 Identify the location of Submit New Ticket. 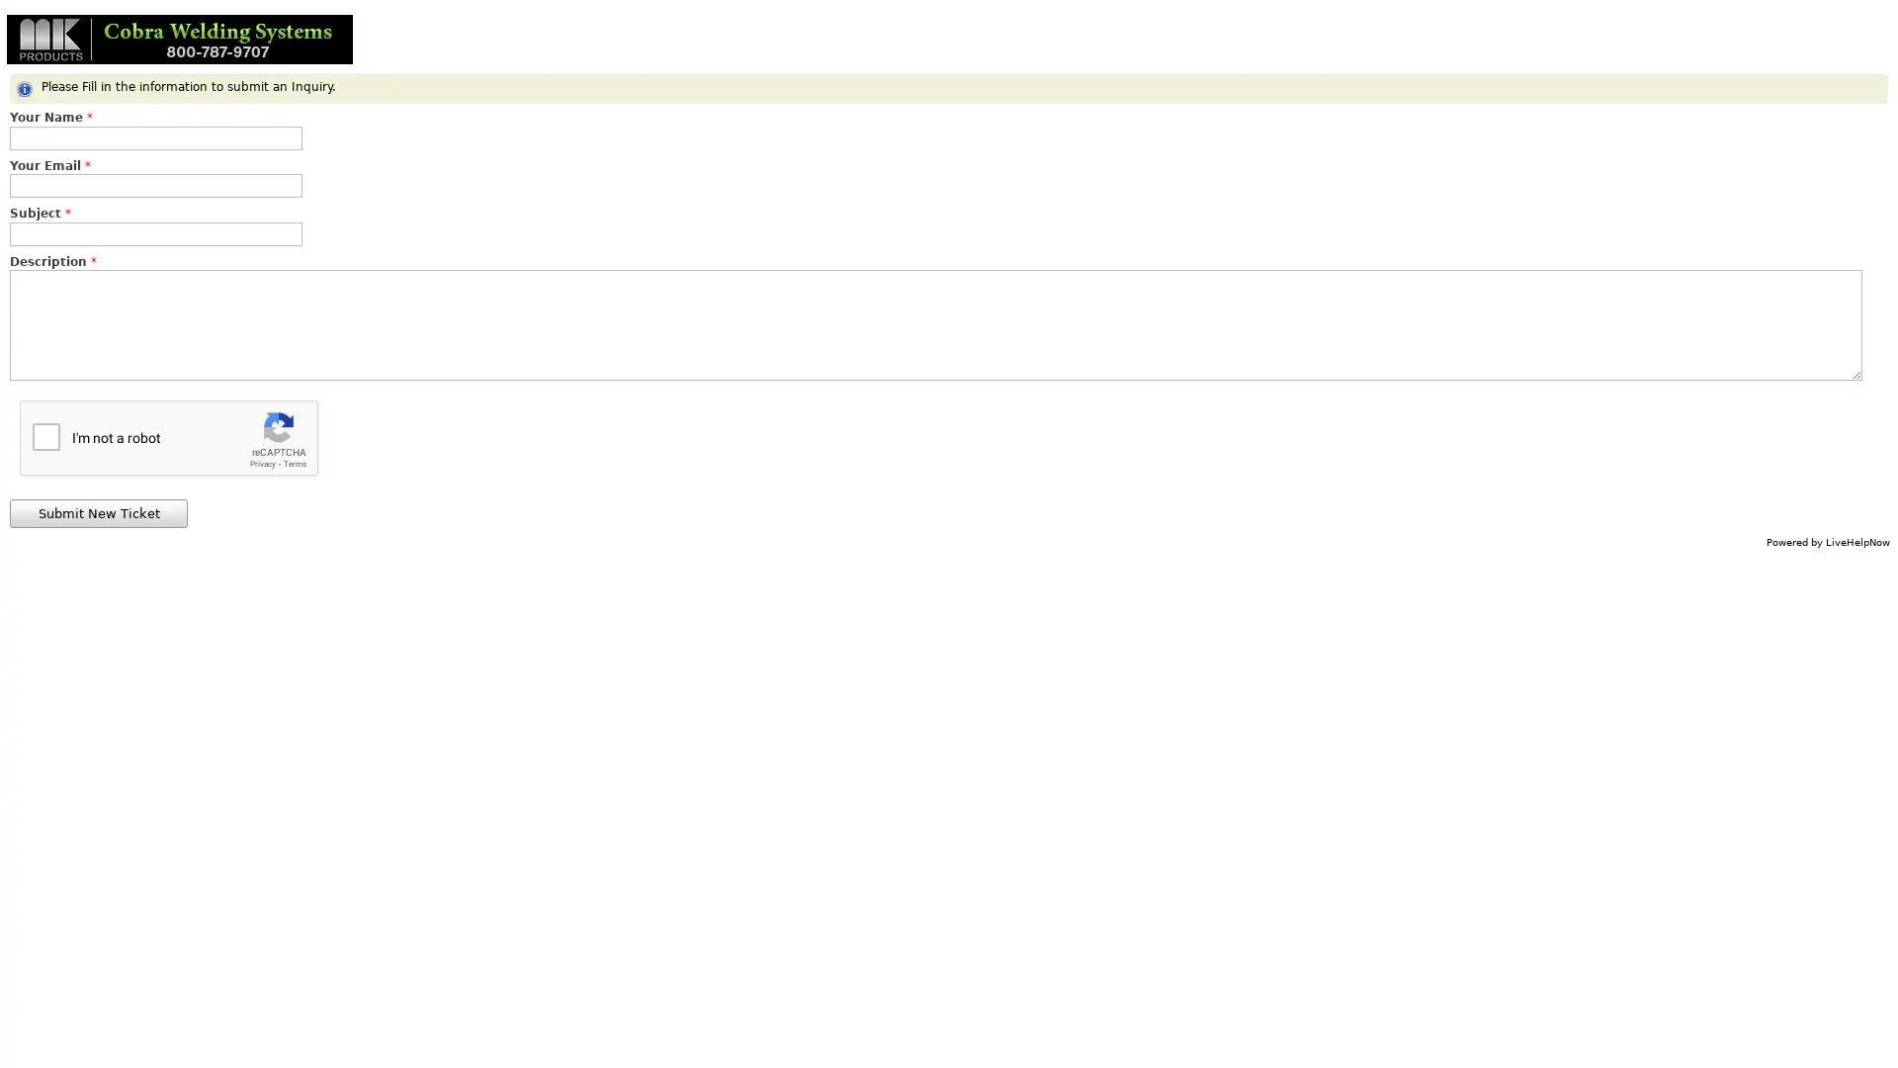
(98, 512).